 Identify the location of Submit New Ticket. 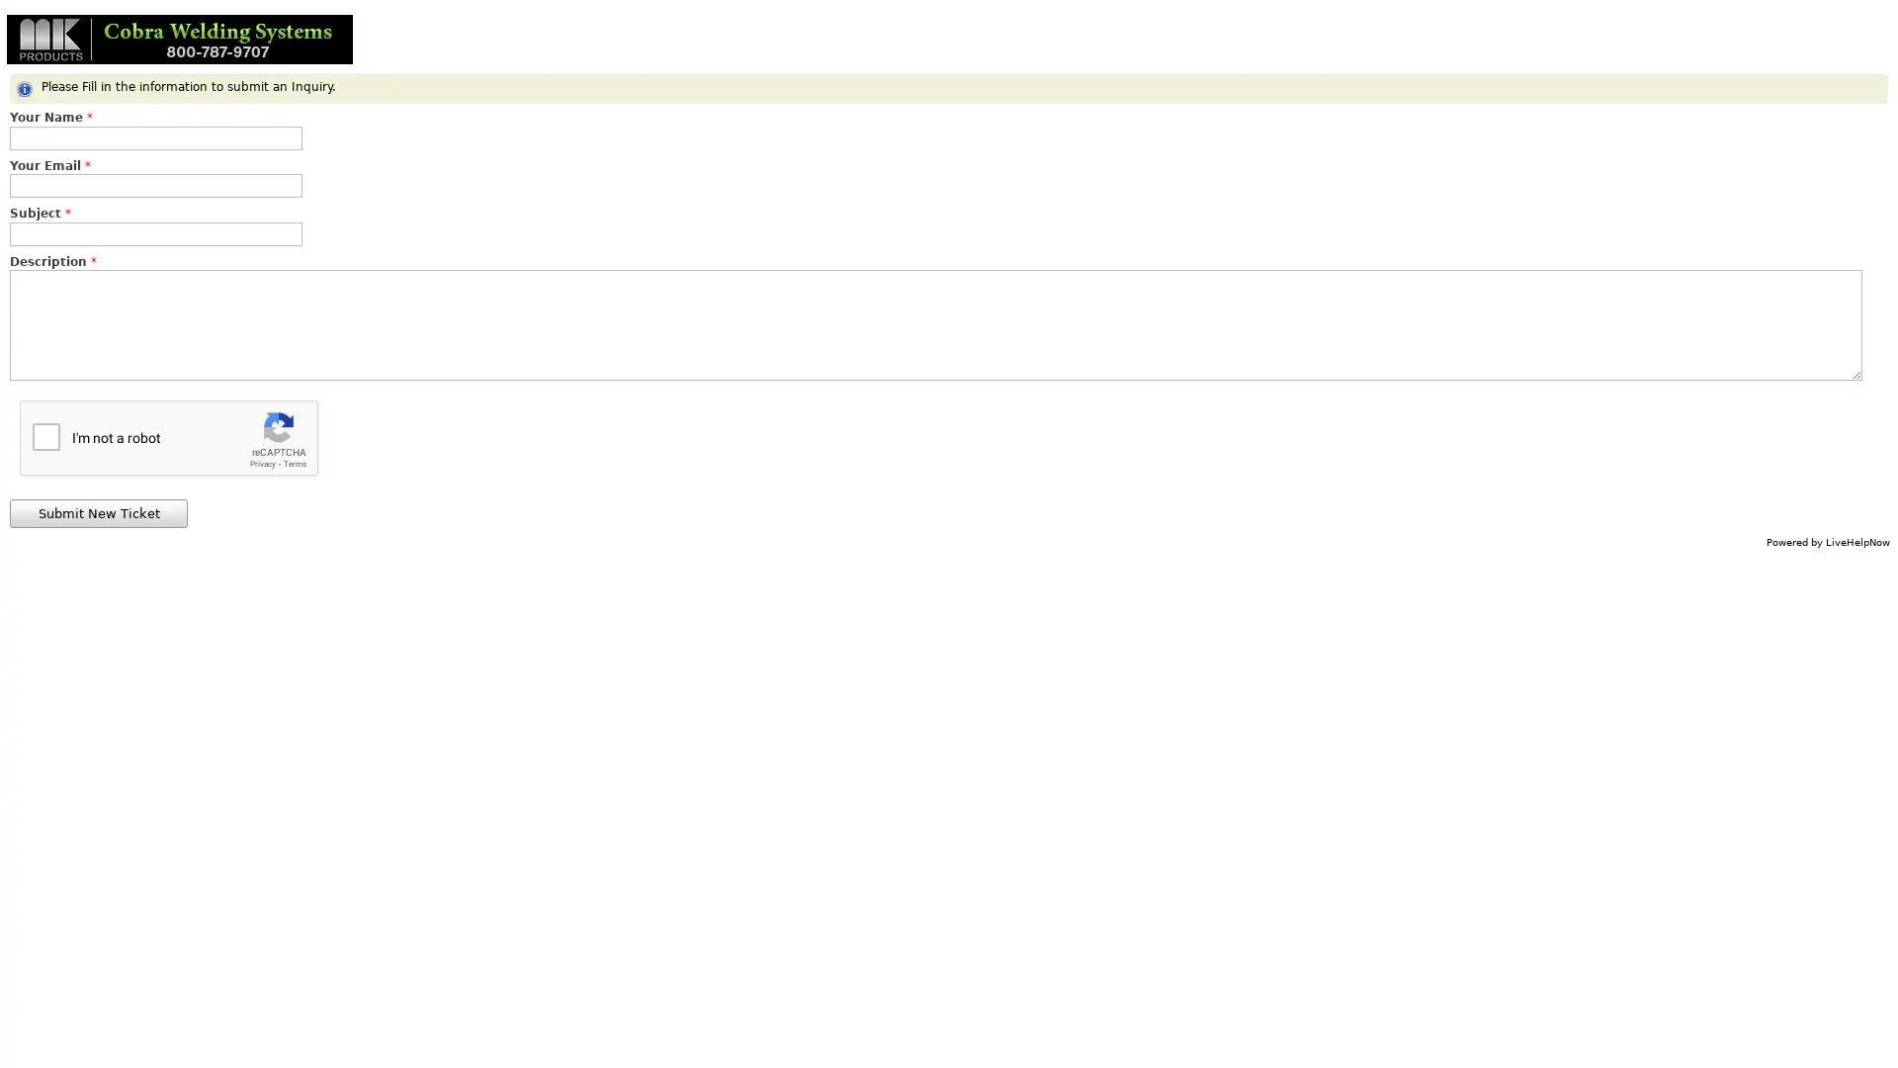
(98, 512).